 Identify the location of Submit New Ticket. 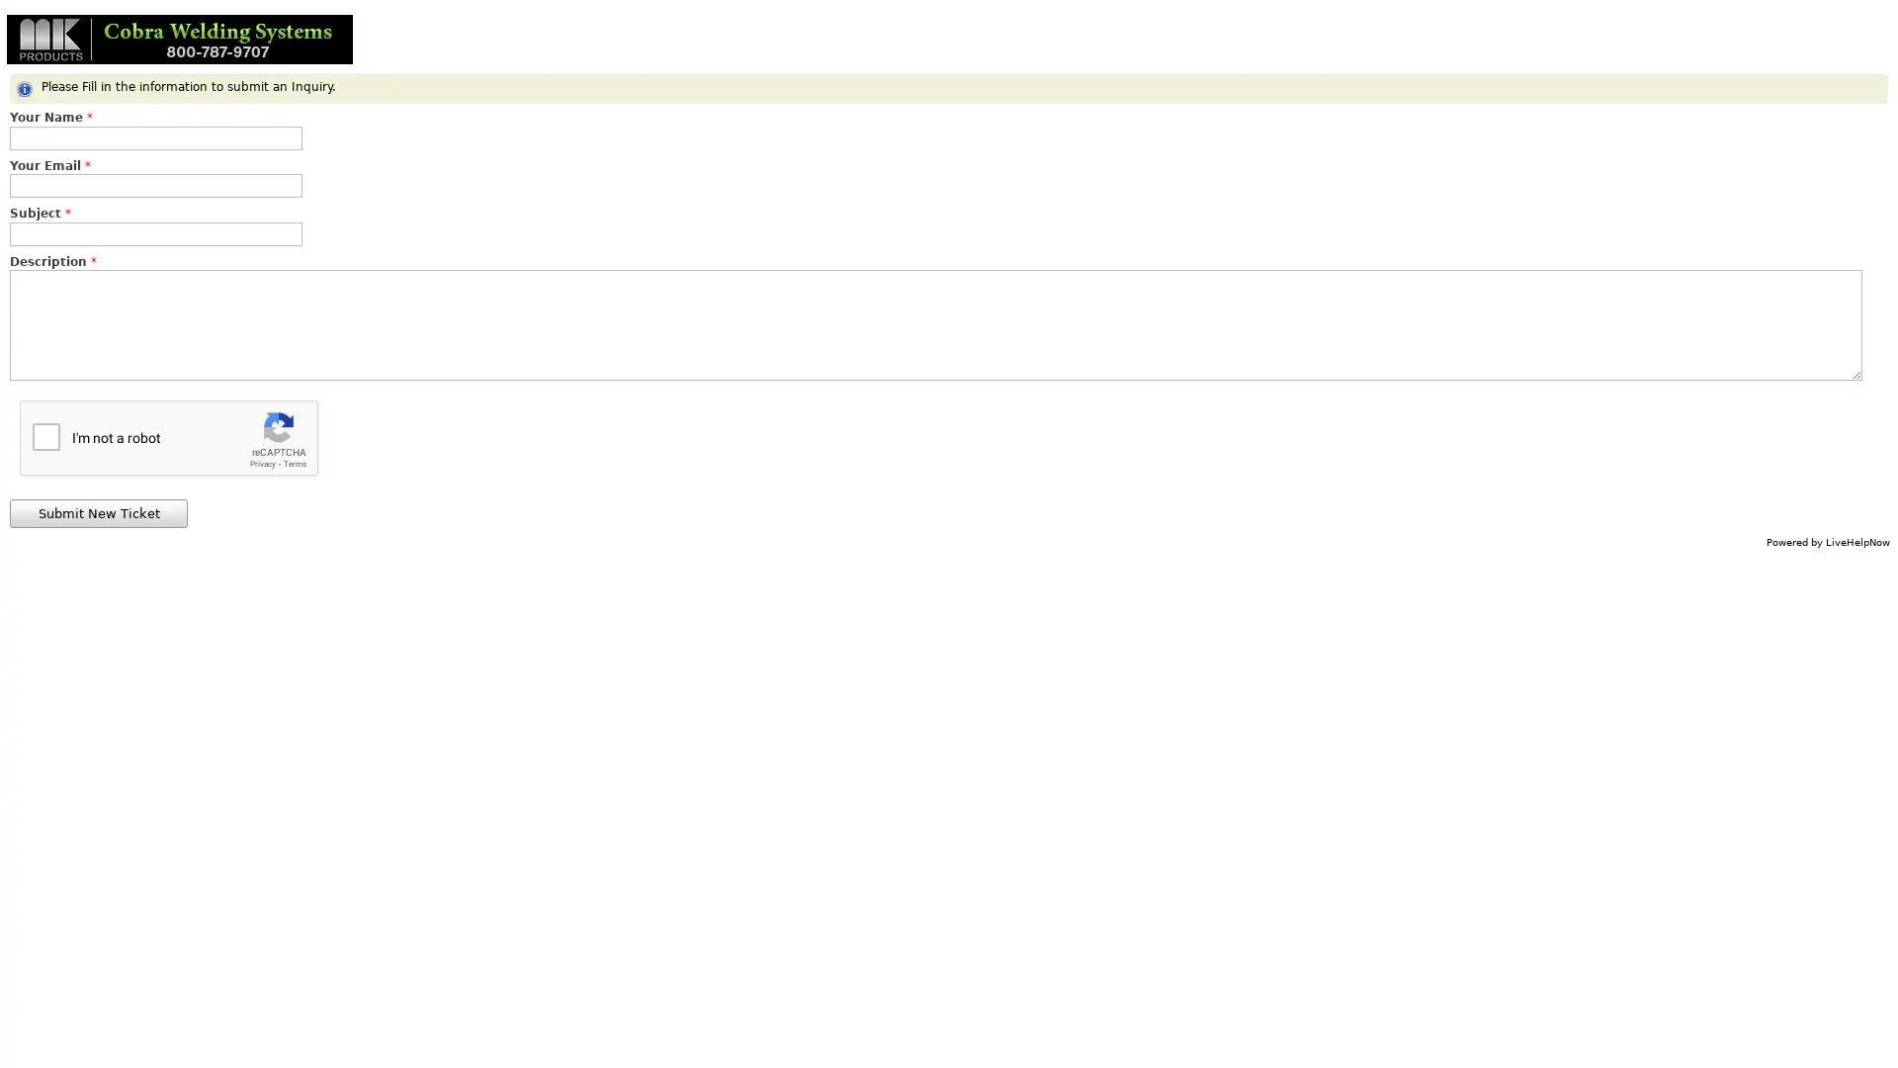
(98, 512).